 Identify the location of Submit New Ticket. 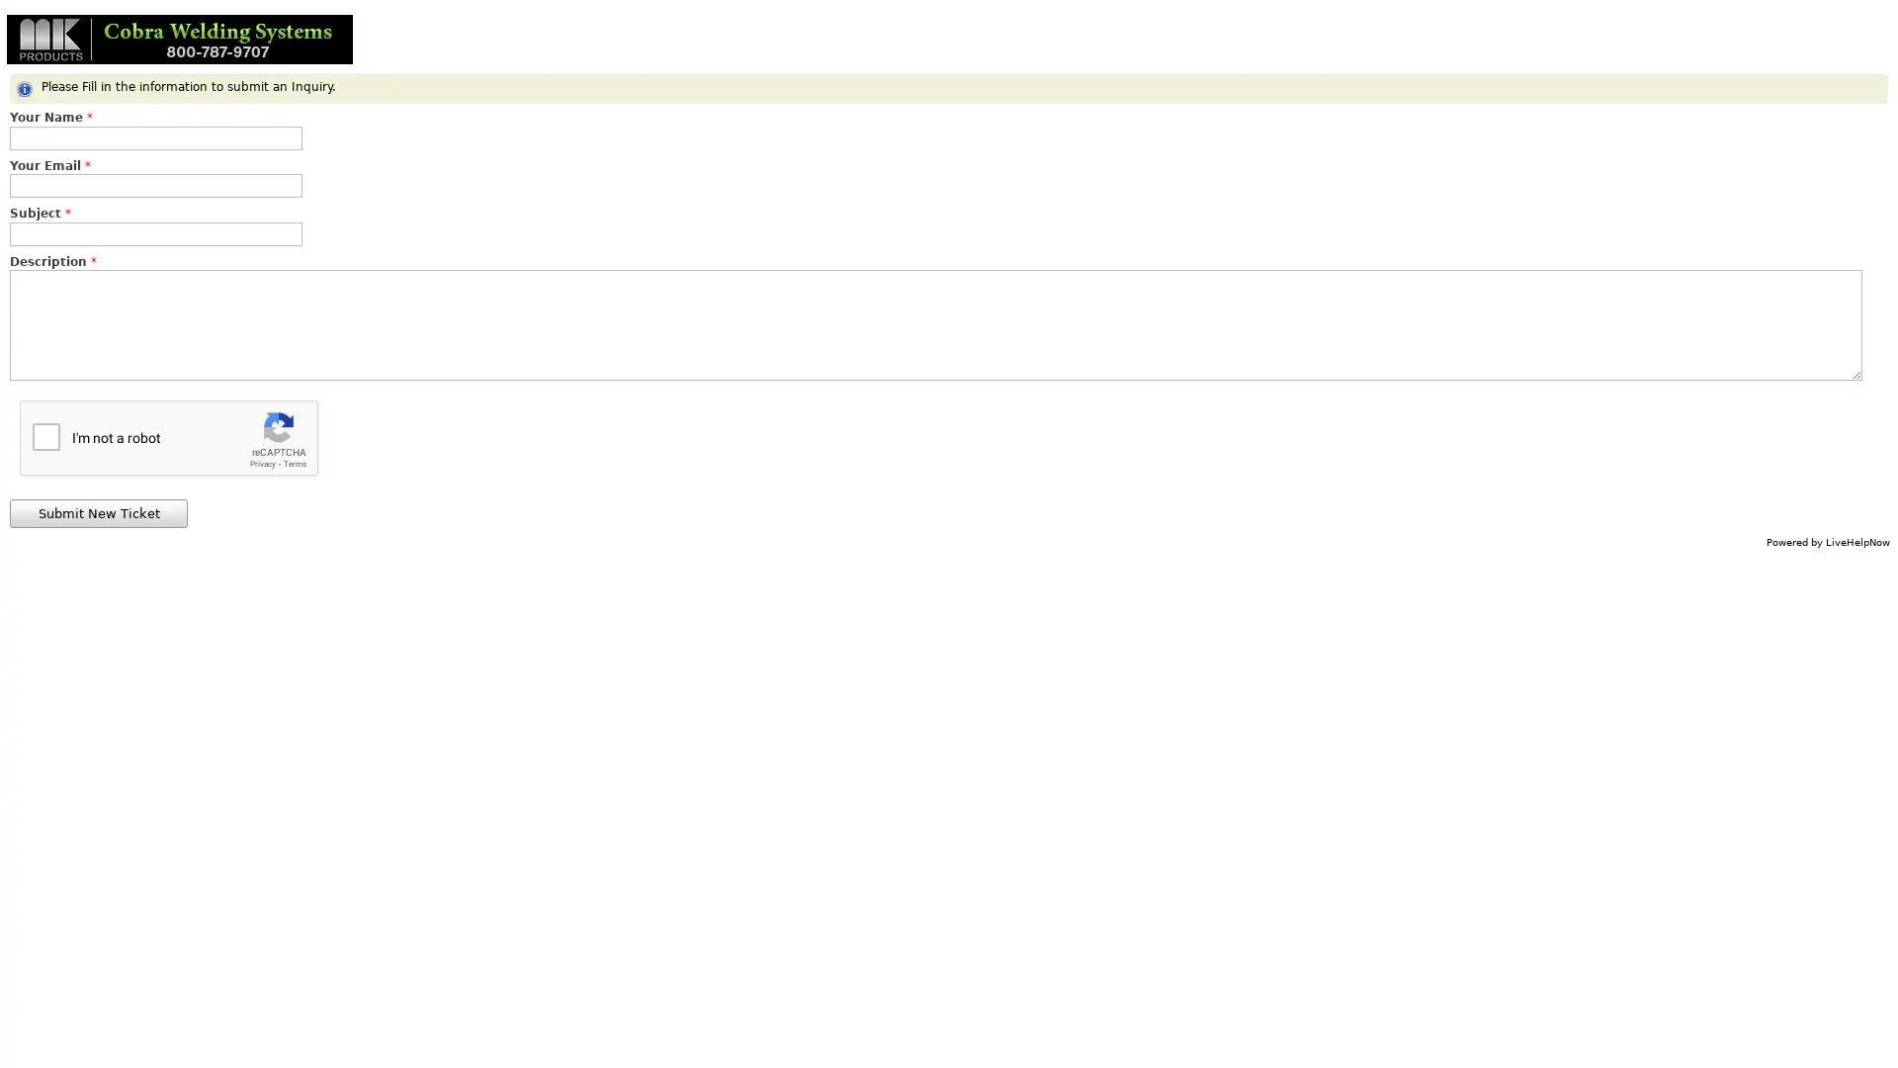
(98, 512).